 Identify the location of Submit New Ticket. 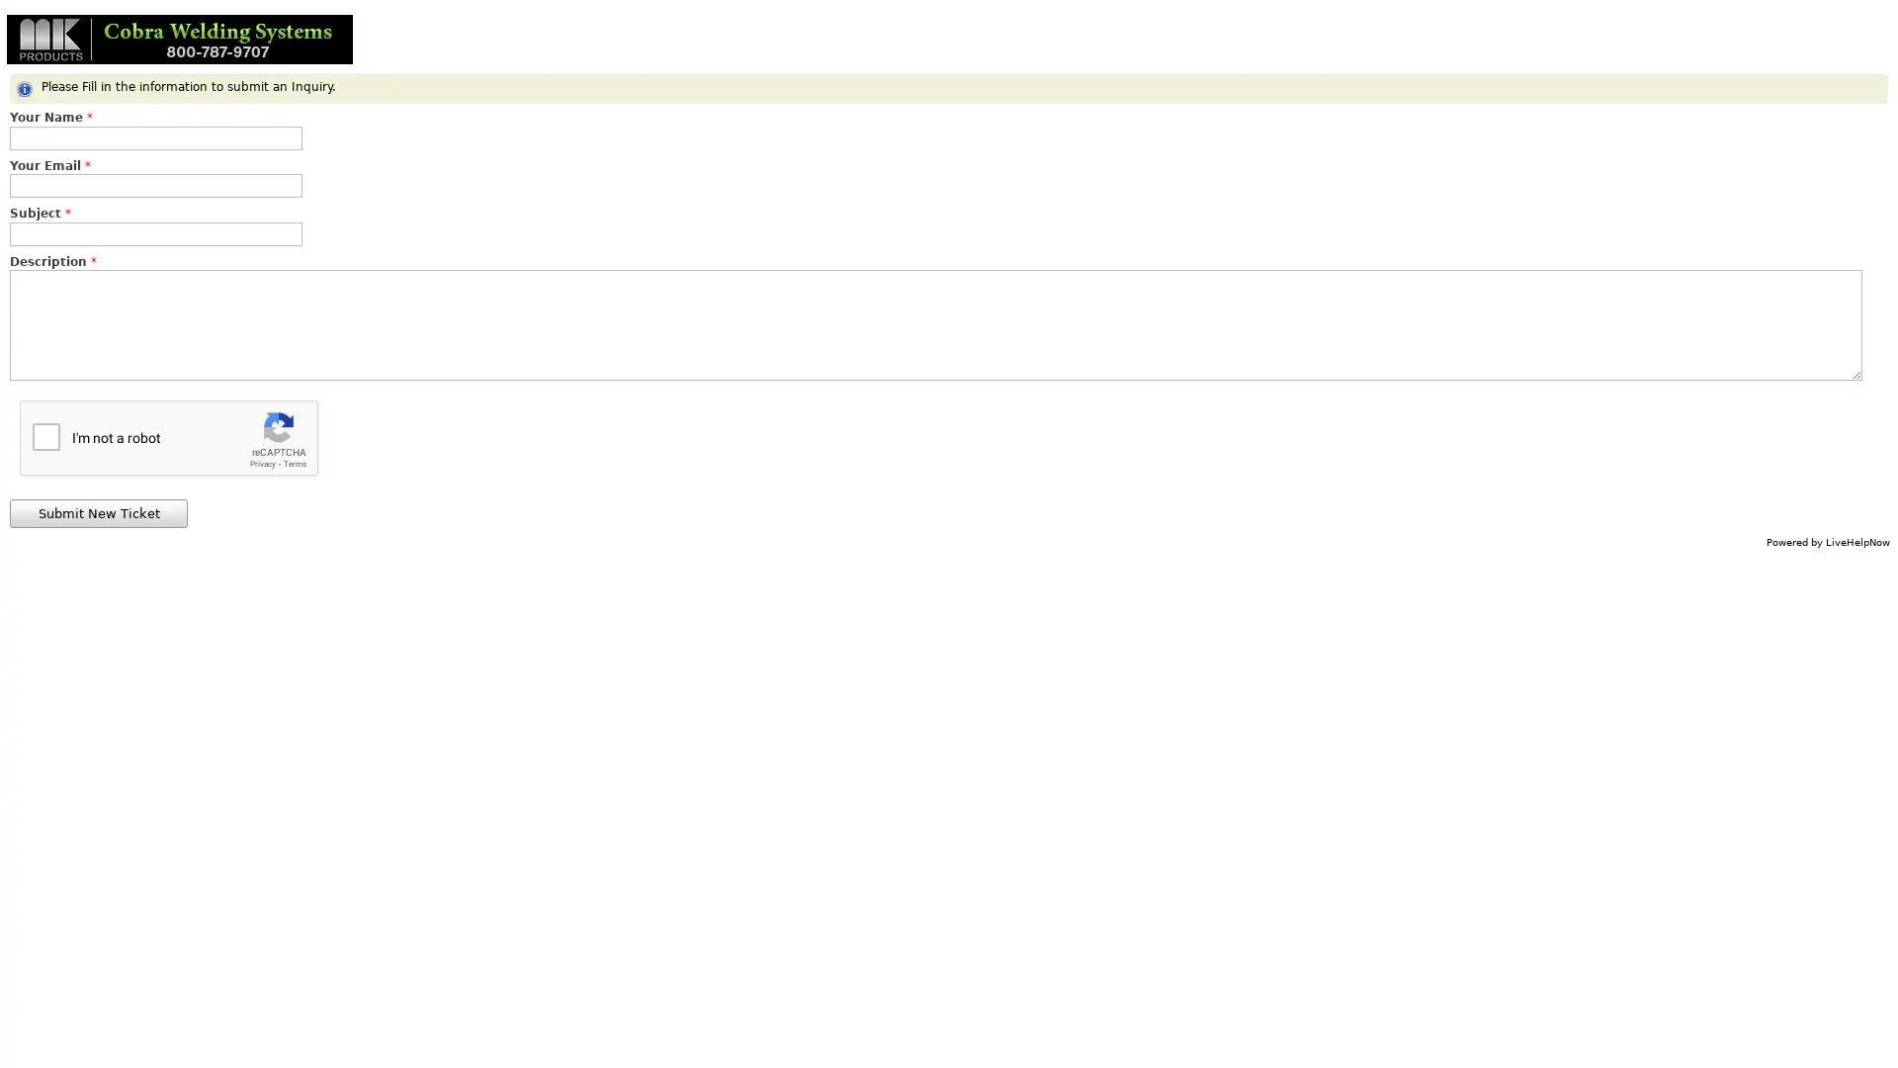
(98, 512).